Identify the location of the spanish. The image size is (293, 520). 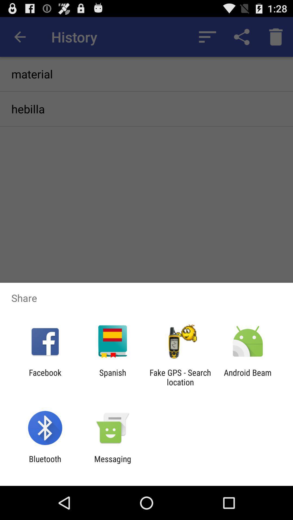
(112, 377).